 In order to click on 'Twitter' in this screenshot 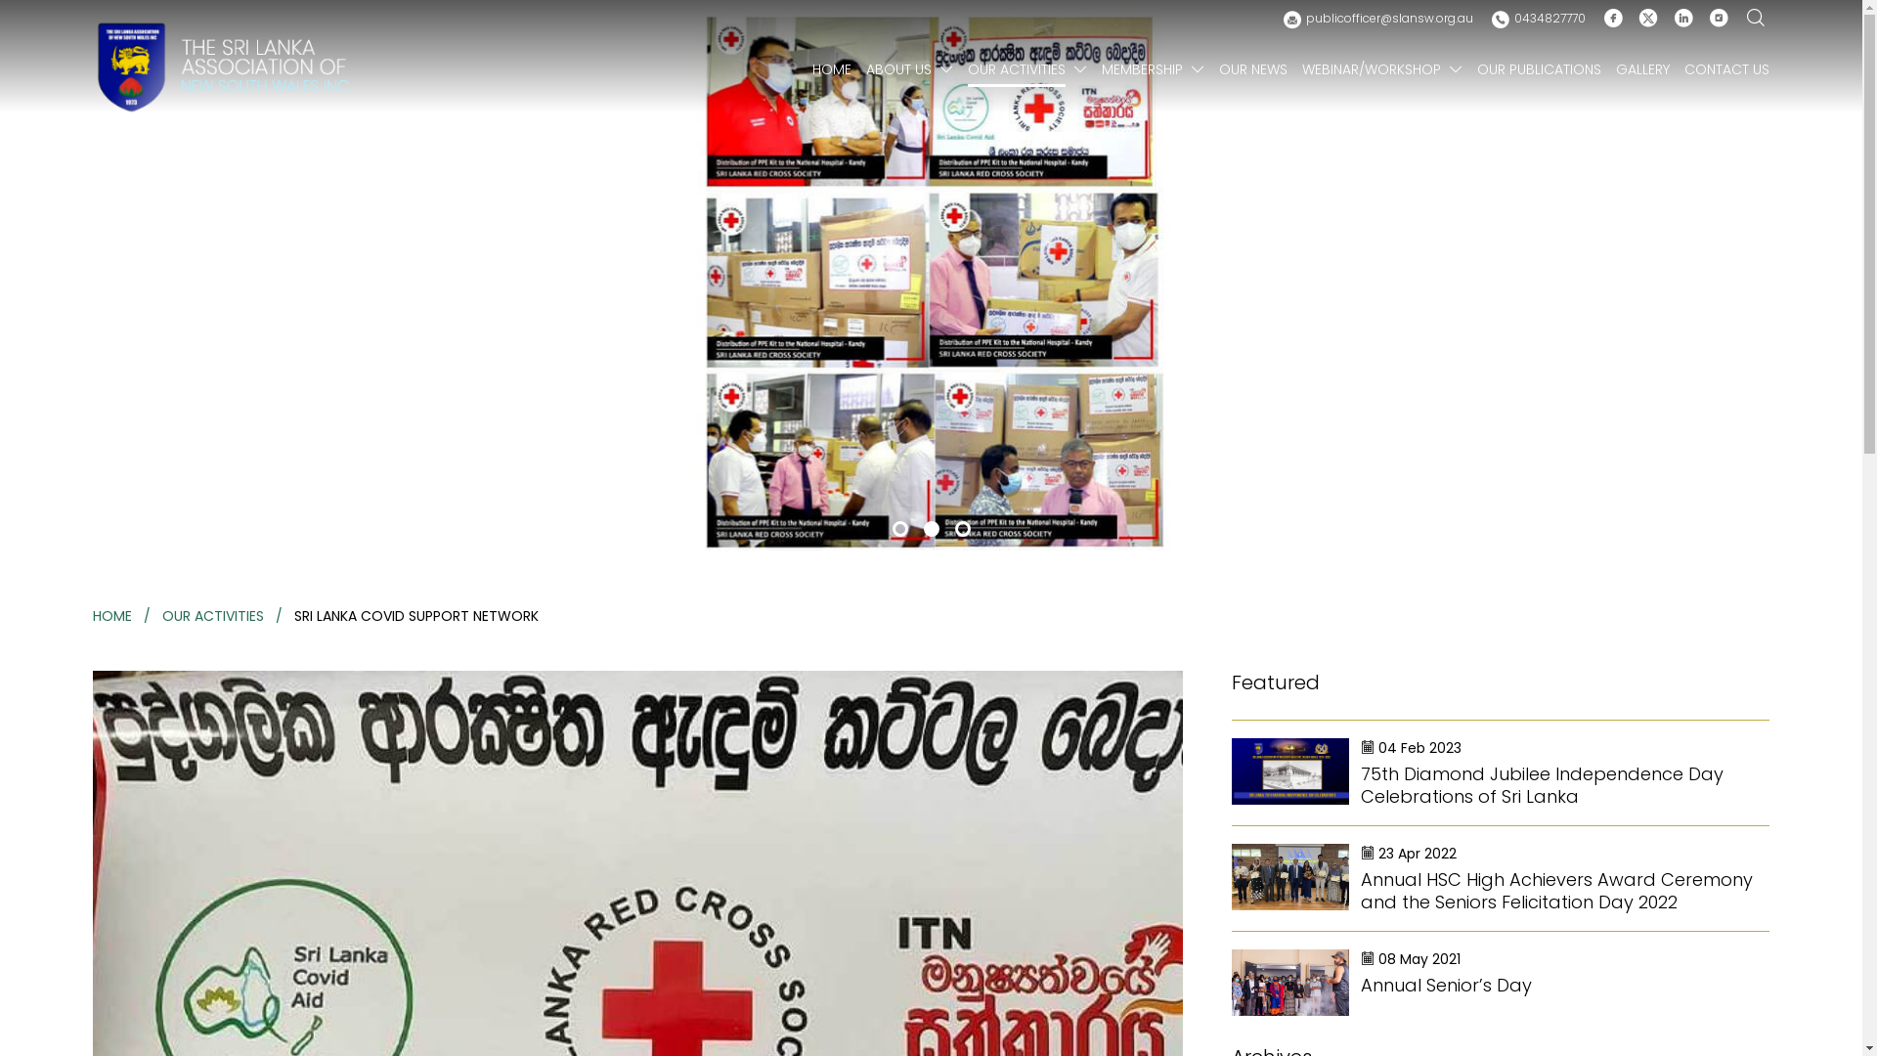, I will do `click(1646, 19)`.